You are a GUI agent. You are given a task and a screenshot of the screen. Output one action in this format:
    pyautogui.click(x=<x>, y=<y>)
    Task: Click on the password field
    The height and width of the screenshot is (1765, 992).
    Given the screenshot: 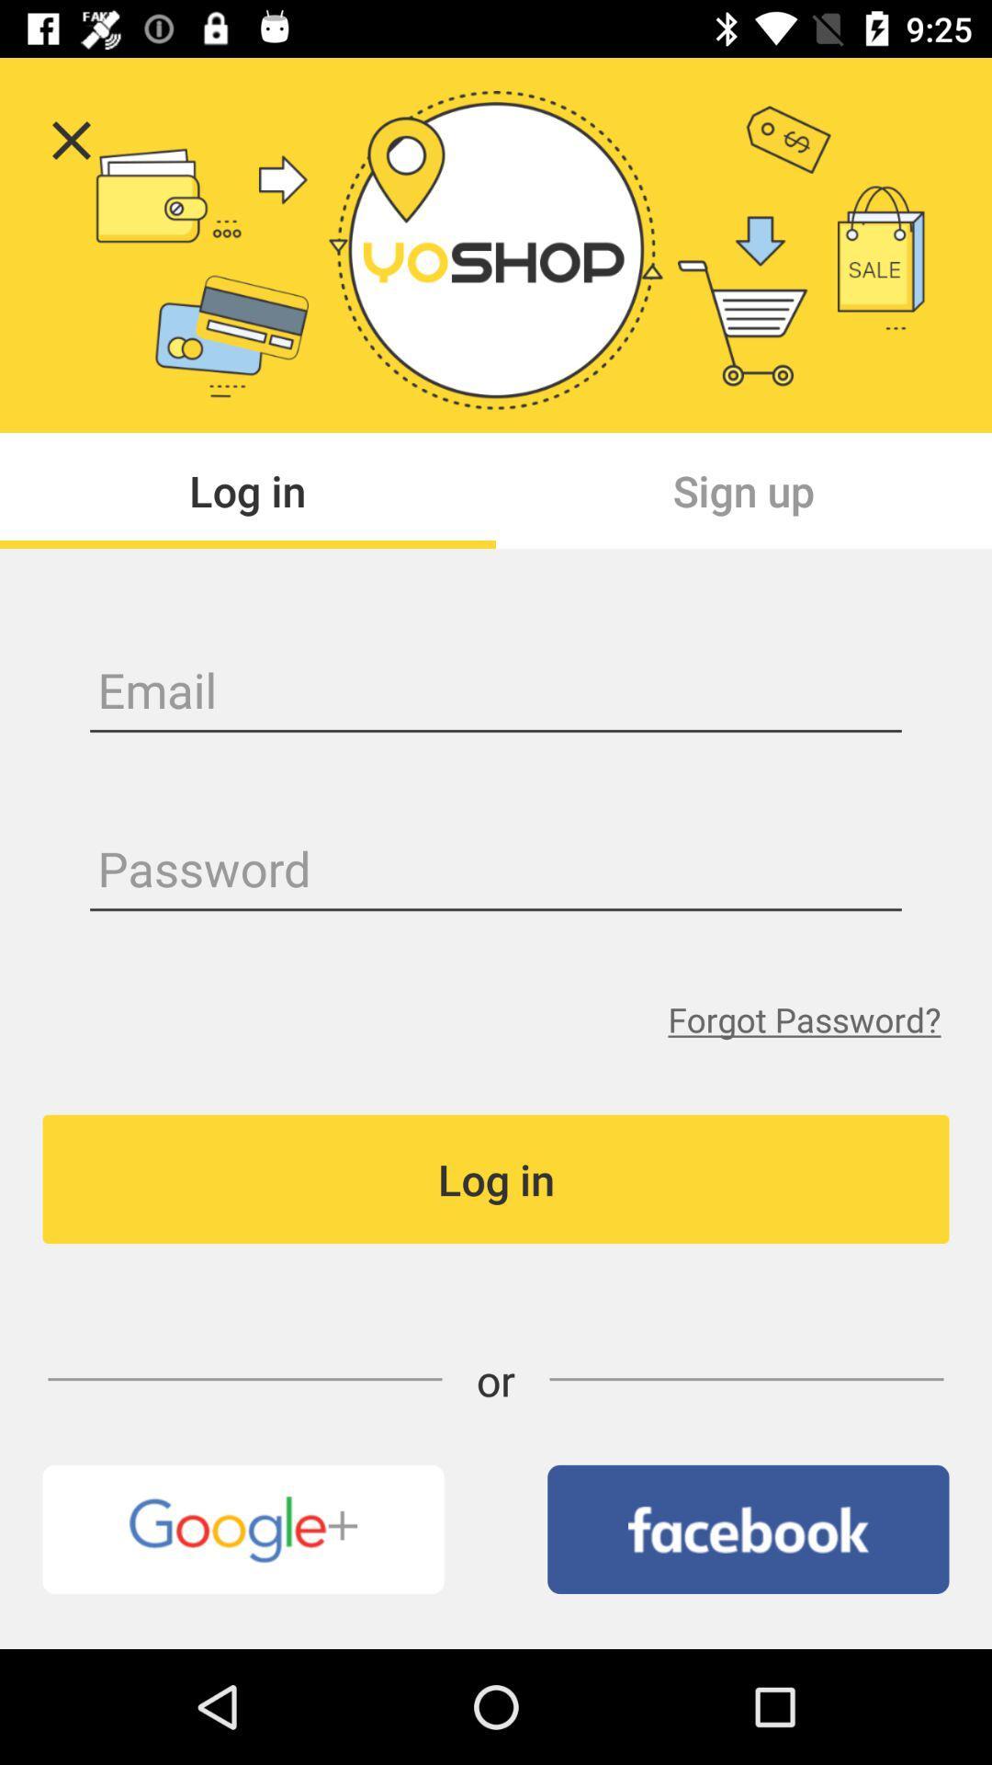 What is the action you would take?
    pyautogui.click(x=496, y=871)
    